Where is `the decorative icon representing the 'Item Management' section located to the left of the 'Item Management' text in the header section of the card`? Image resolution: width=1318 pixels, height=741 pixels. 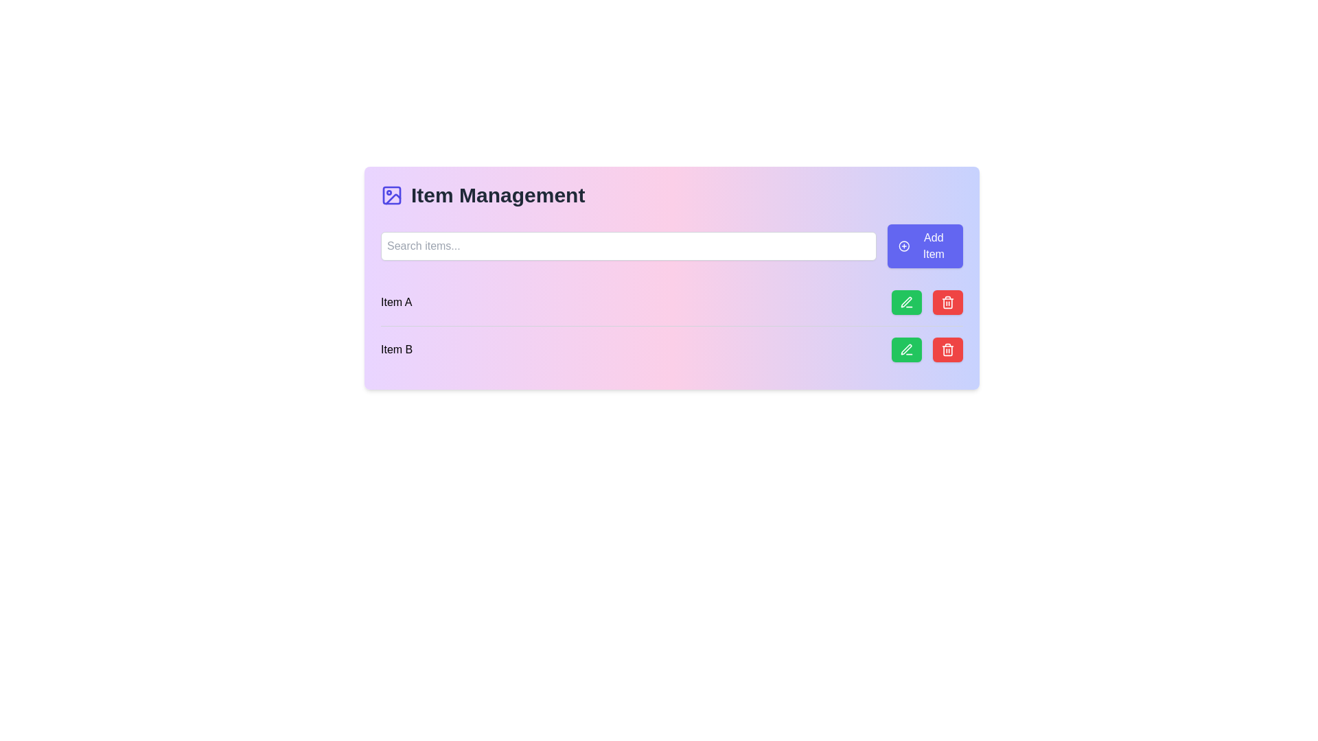
the decorative icon representing the 'Item Management' section located to the left of the 'Item Management' text in the header section of the card is located at coordinates (391, 196).